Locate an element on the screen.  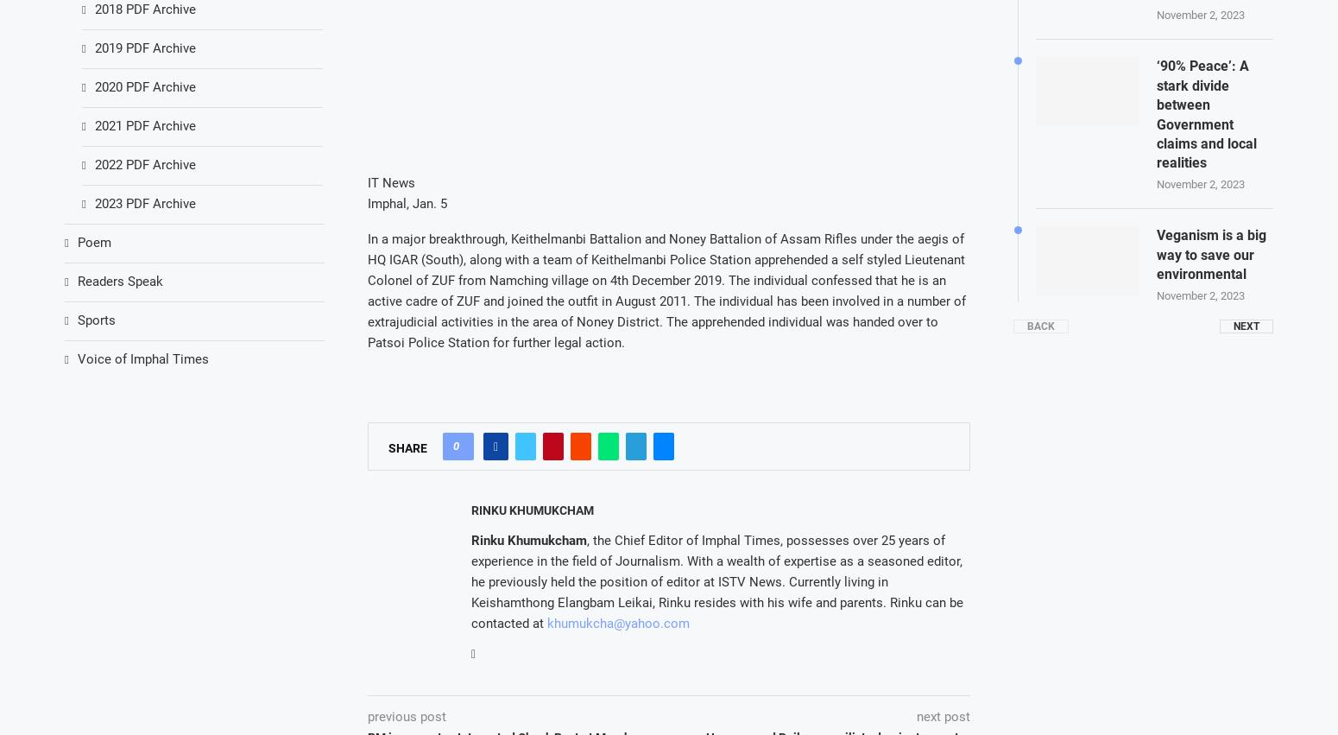
'In a major breakthrough, Keithelmanbi Battalion and Noney Battalion of Assam Rifles under the aegis of HQ IGAR (South), along with a team of Keithelmanbi Police Station apprehended a self styled Lieutenant Colonel of ZUF from Namching village on 4th December 2019. The individual confessed that he is an active cadre of ZUF and joined the outfit in August 2011. The individual has been involved in a number of extrajudicial activities in the area of Noney District. The apprehended individual was handed over to Patsoi Police Station for further legal action.' is located at coordinates (367, 289).